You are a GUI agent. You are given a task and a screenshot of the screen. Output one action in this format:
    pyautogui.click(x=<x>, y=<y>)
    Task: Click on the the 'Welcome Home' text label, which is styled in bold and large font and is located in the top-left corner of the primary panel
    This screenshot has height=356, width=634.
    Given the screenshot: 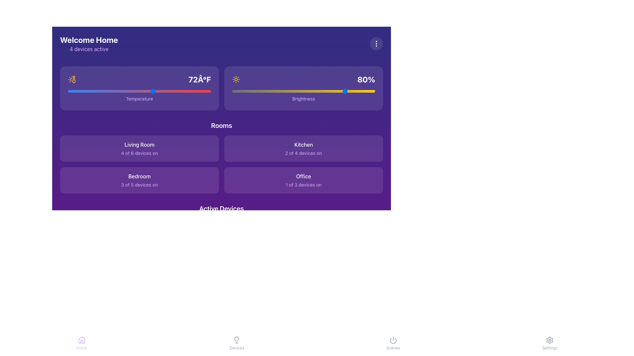 What is the action you would take?
    pyautogui.click(x=88, y=40)
    